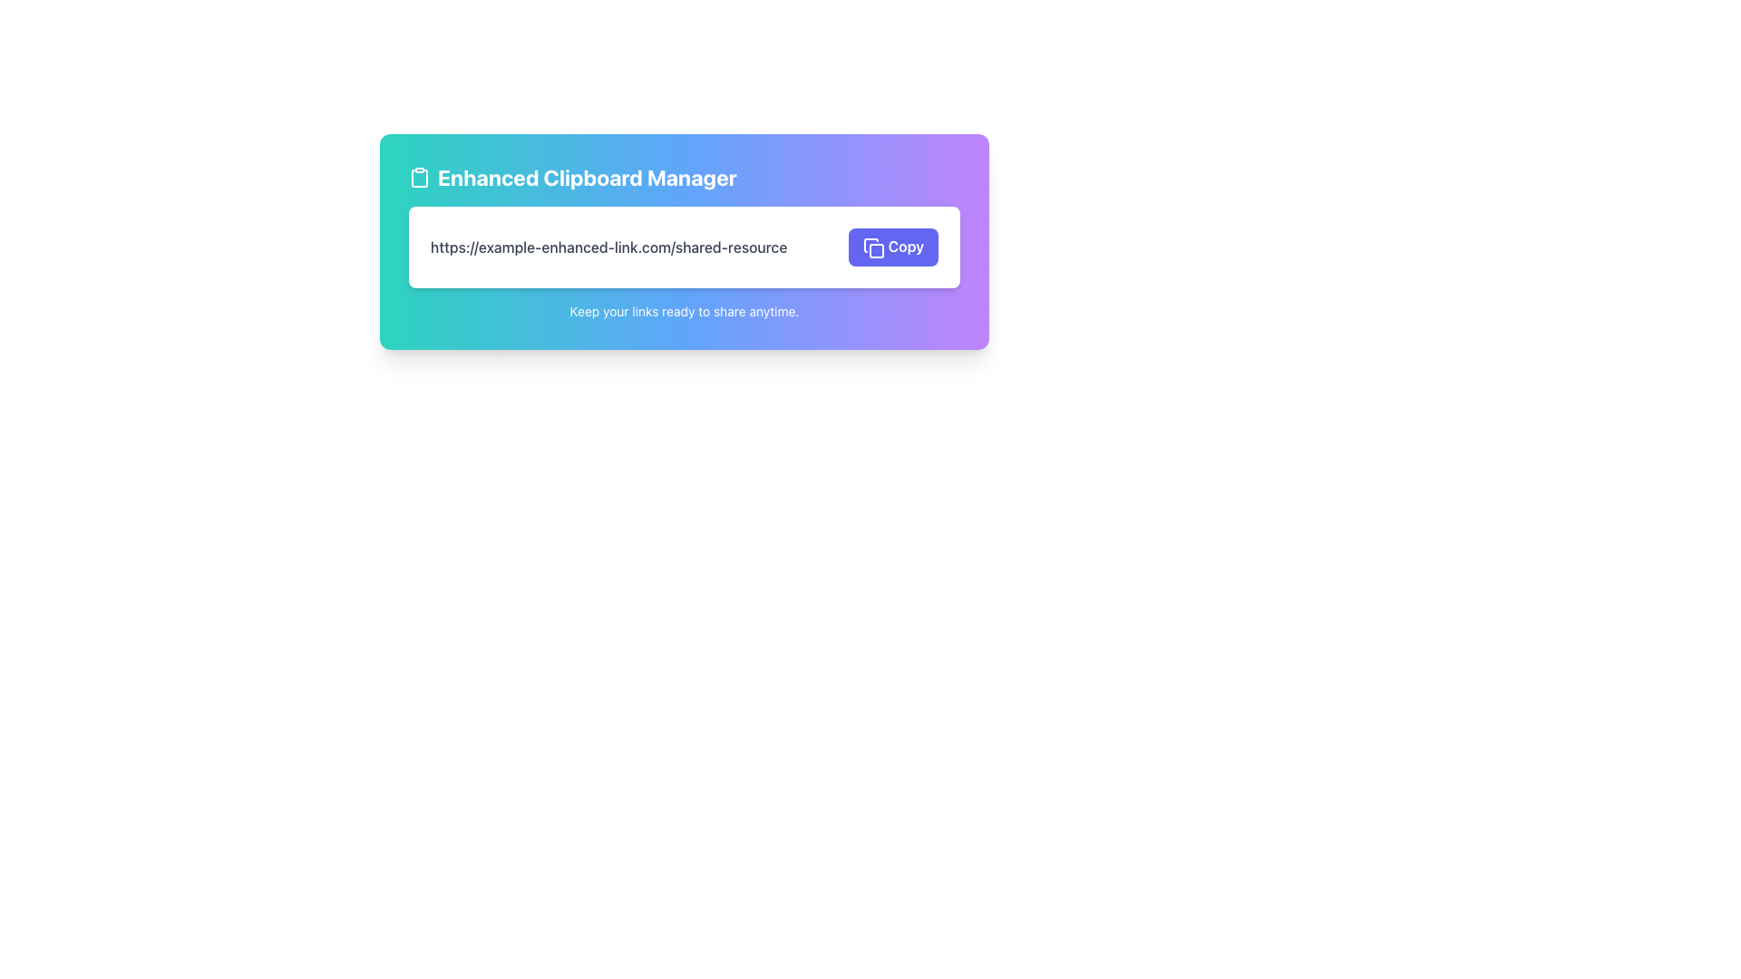 This screenshot has height=979, width=1741. Describe the element at coordinates (683, 310) in the screenshot. I see `the instructional text label located at the bottom of the card with a gradient background, which indicates the readiness of the displayed links for sharing` at that location.